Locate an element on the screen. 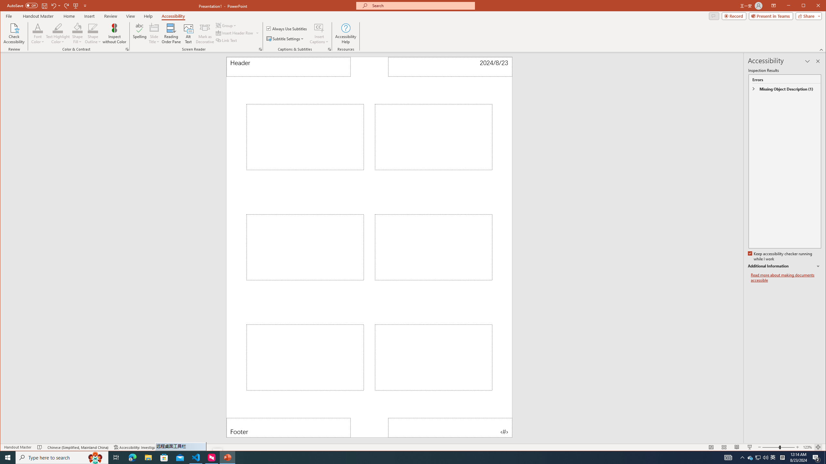  'Footer' is located at coordinates (288, 427).